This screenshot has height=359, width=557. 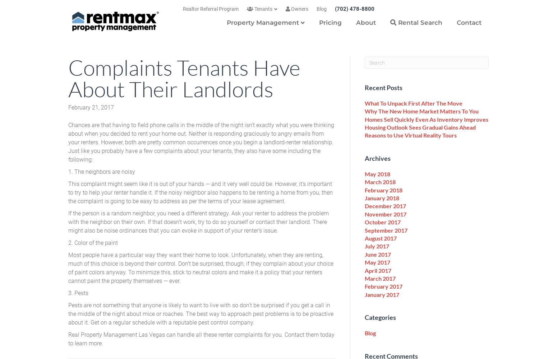 I want to click on 'May 2018', so click(x=364, y=173).